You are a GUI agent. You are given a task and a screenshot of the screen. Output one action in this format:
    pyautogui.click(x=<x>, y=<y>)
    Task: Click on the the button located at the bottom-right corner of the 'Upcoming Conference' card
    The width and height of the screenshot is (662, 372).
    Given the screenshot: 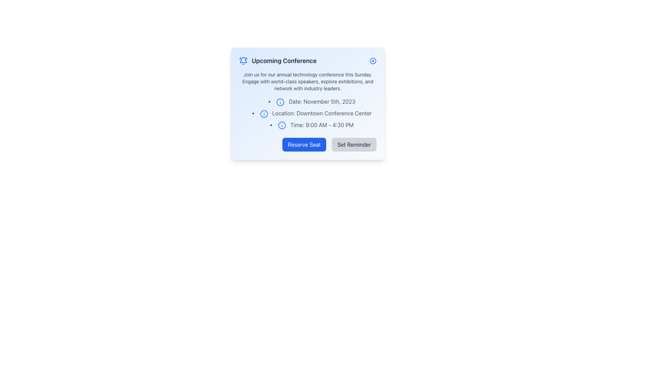 What is the action you would take?
    pyautogui.click(x=354, y=144)
    